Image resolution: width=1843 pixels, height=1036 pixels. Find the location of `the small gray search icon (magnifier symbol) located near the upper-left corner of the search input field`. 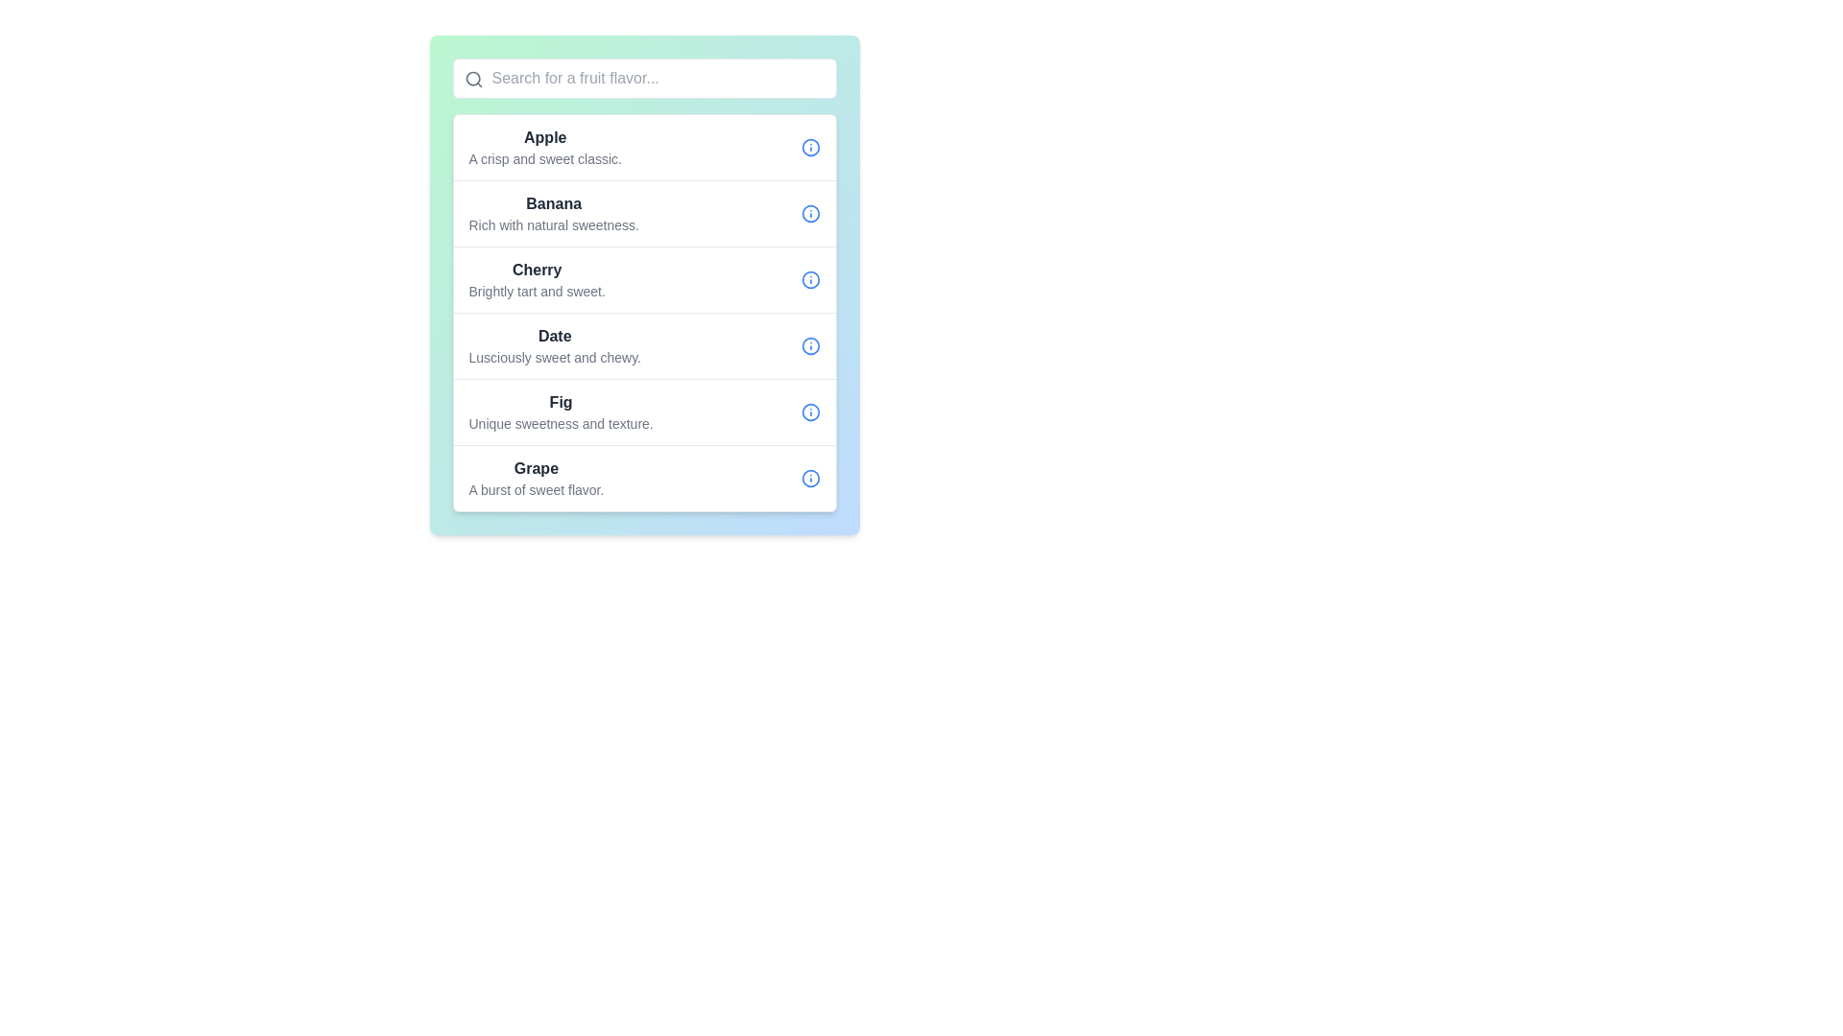

the small gray search icon (magnifier symbol) located near the upper-left corner of the search input field is located at coordinates (473, 79).